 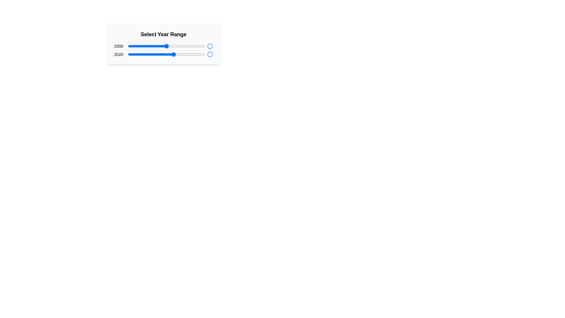 What do you see at coordinates (173, 54) in the screenshot?
I see `the year value` at bounding box center [173, 54].